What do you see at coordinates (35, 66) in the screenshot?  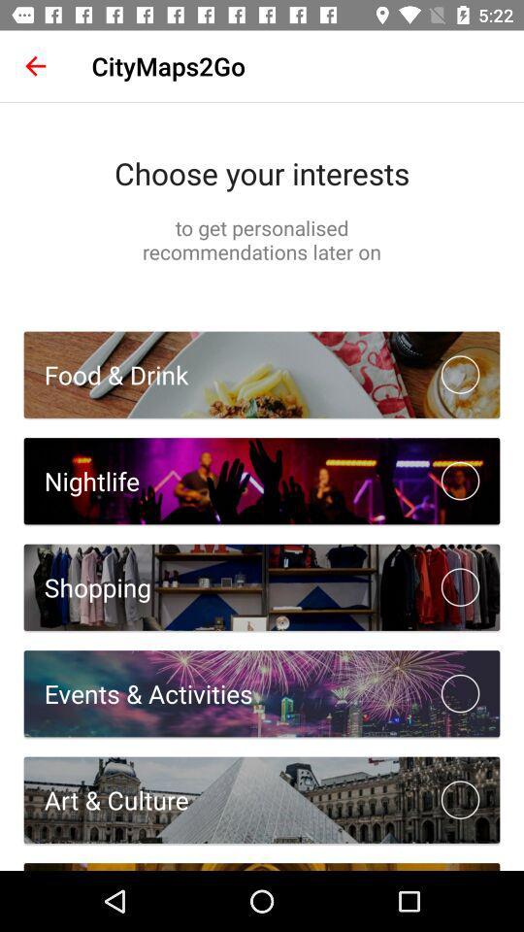 I see `item next to citymaps2go` at bounding box center [35, 66].